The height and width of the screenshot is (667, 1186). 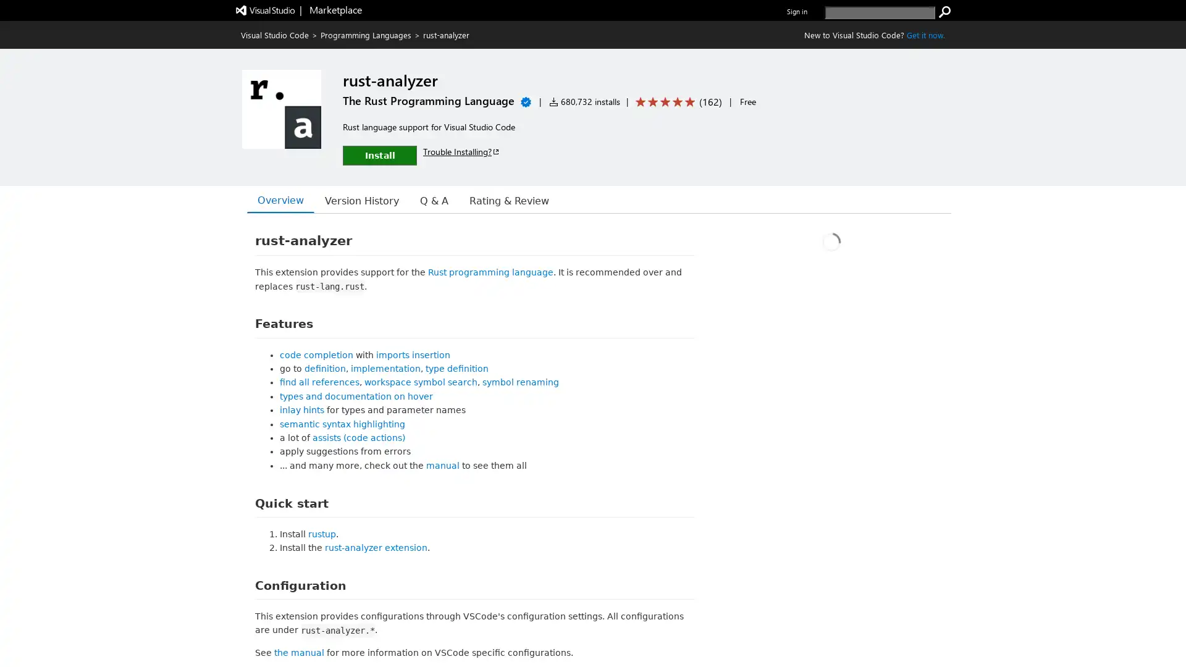 I want to click on Q & A, so click(x=418, y=199).